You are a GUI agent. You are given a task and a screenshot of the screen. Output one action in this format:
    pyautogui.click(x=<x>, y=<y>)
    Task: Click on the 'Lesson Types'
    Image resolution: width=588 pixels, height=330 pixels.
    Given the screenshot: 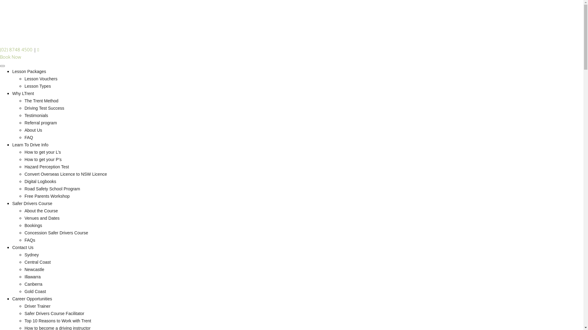 What is the action you would take?
    pyautogui.click(x=24, y=86)
    